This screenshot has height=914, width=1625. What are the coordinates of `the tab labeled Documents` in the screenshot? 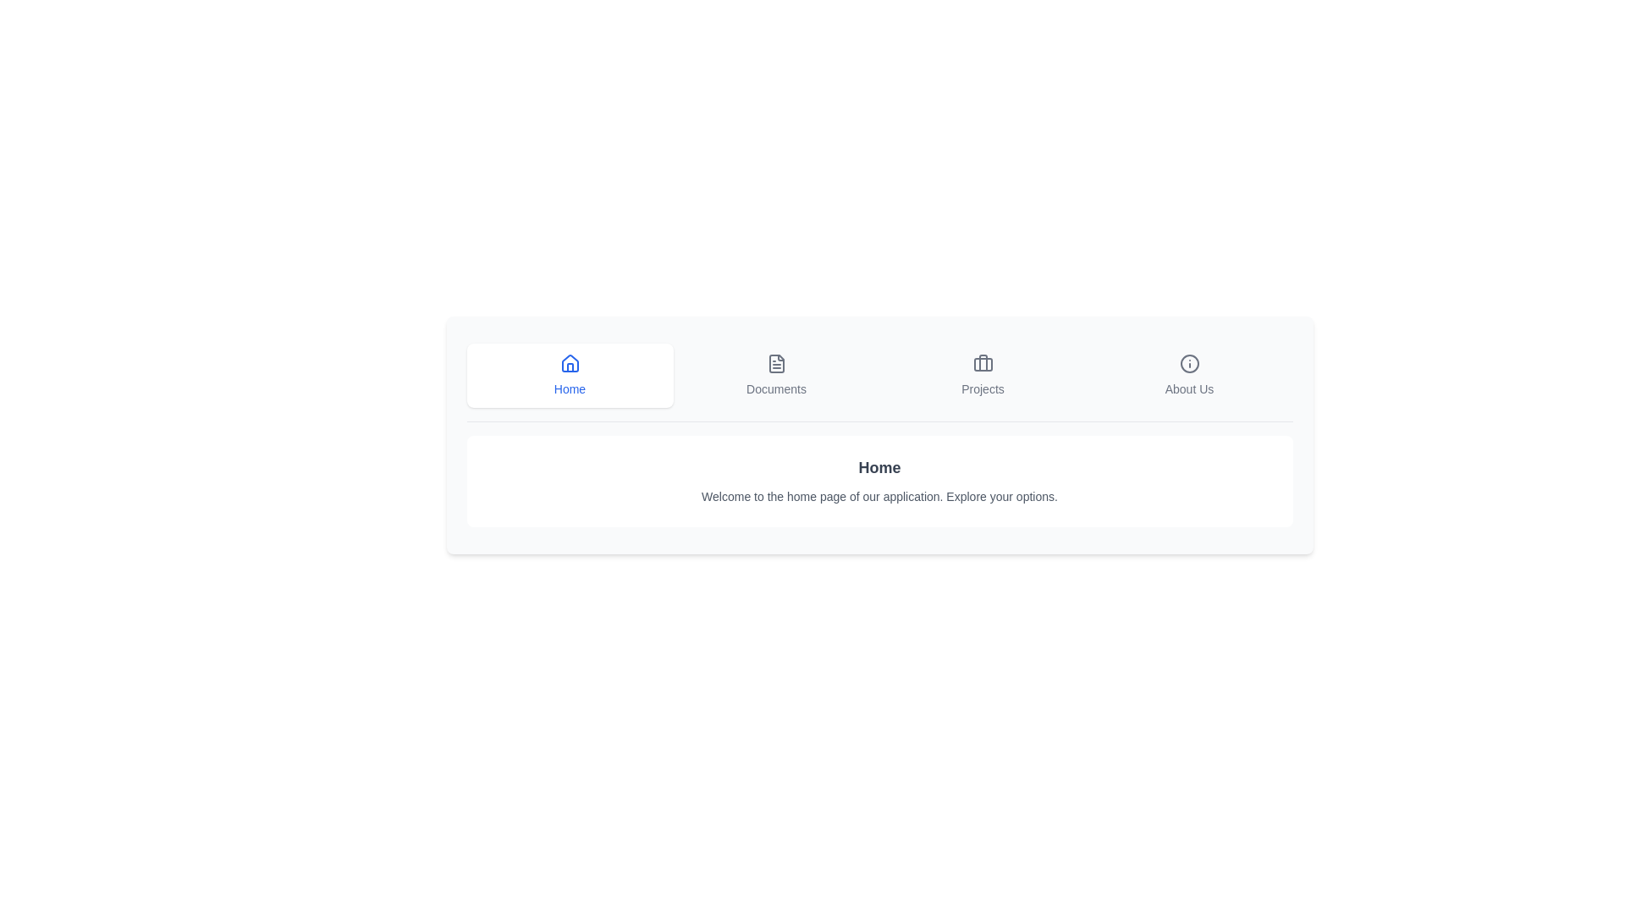 It's located at (775, 374).